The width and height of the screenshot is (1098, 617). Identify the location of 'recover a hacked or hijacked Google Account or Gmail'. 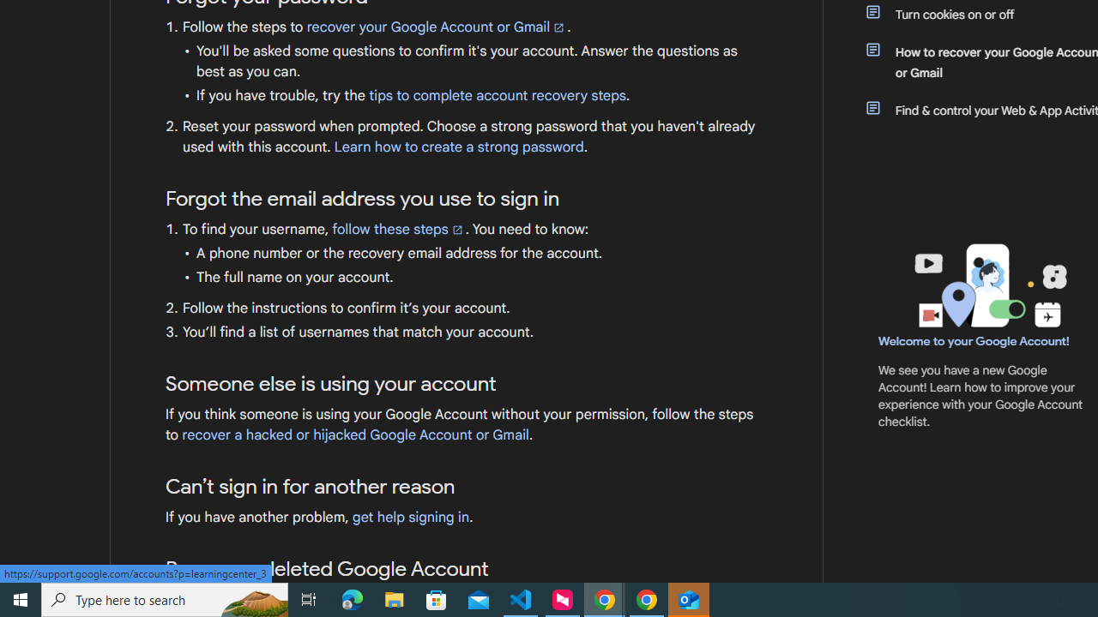
(354, 434).